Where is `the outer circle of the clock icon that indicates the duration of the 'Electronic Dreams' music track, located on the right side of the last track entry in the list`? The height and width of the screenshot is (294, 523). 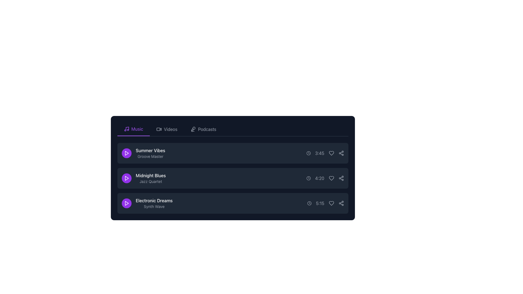
the outer circle of the clock icon that indicates the duration of the 'Electronic Dreams' music track, located on the right side of the last track entry in the list is located at coordinates (309, 203).